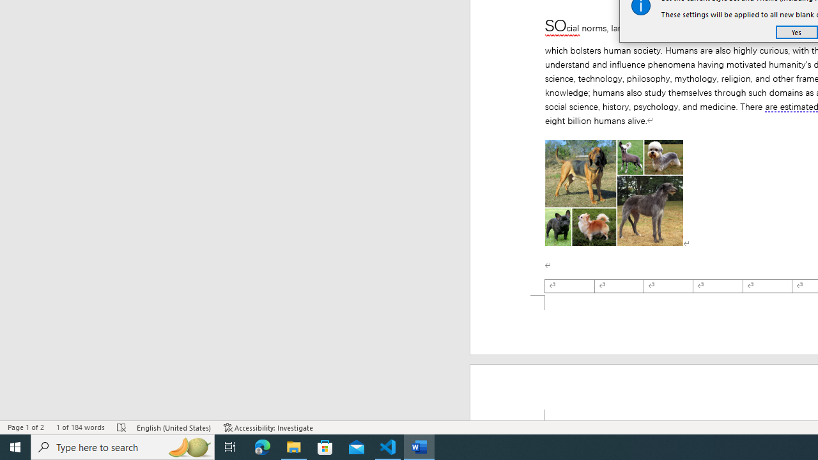 The width and height of the screenshot is (818, 460). What do you see at coordinates (123, 446) in the screenshot?
I see `'Type here to search'` at bounding box center [123, 446].